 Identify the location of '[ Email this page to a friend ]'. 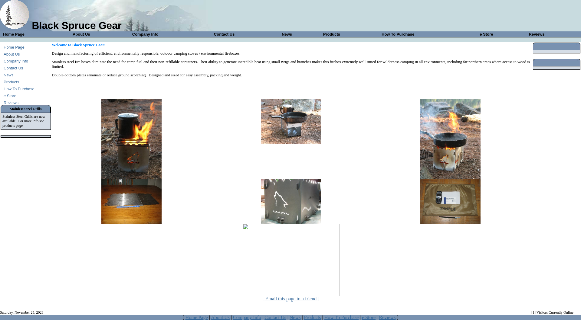
(263, 298).